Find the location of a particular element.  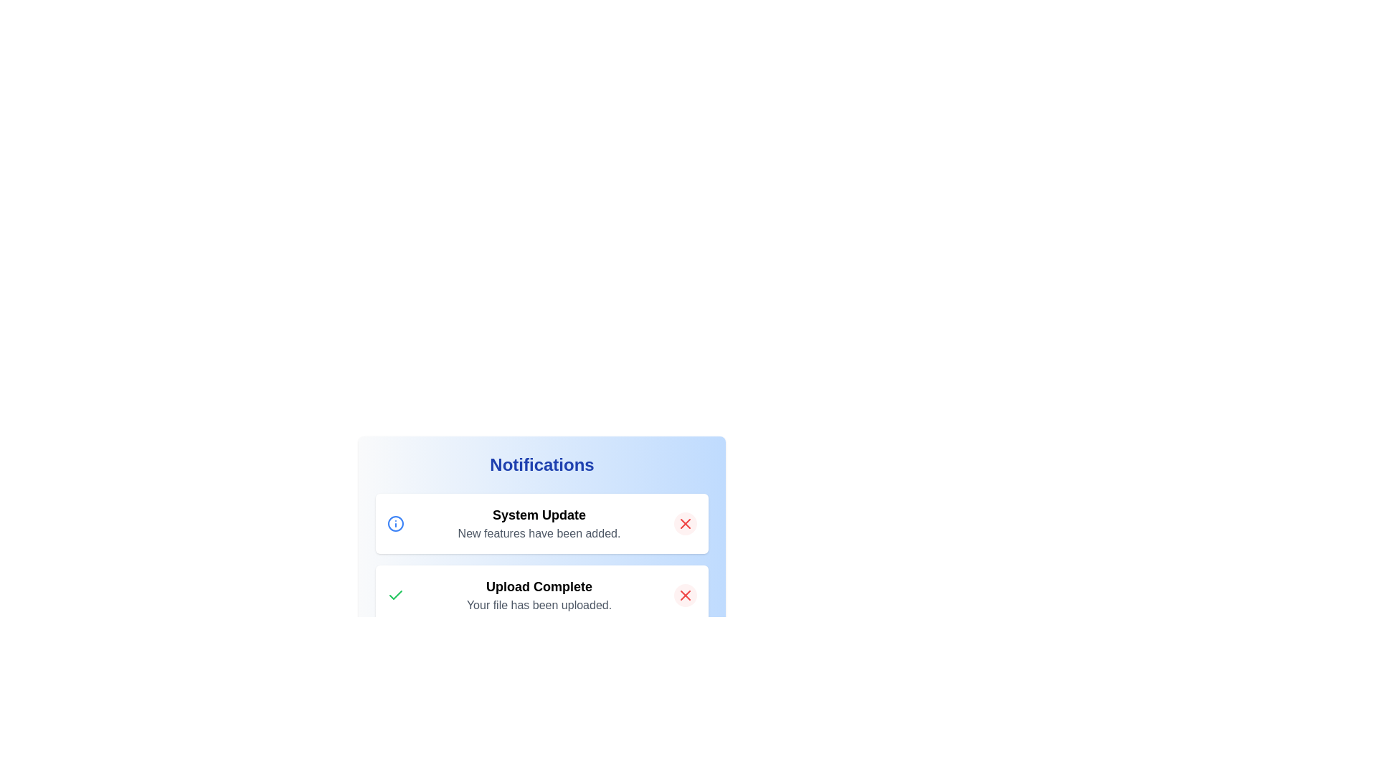

notification details from the second notification card titled 'Upload Complete' in the notification panel is located at coordinates (541, 574).